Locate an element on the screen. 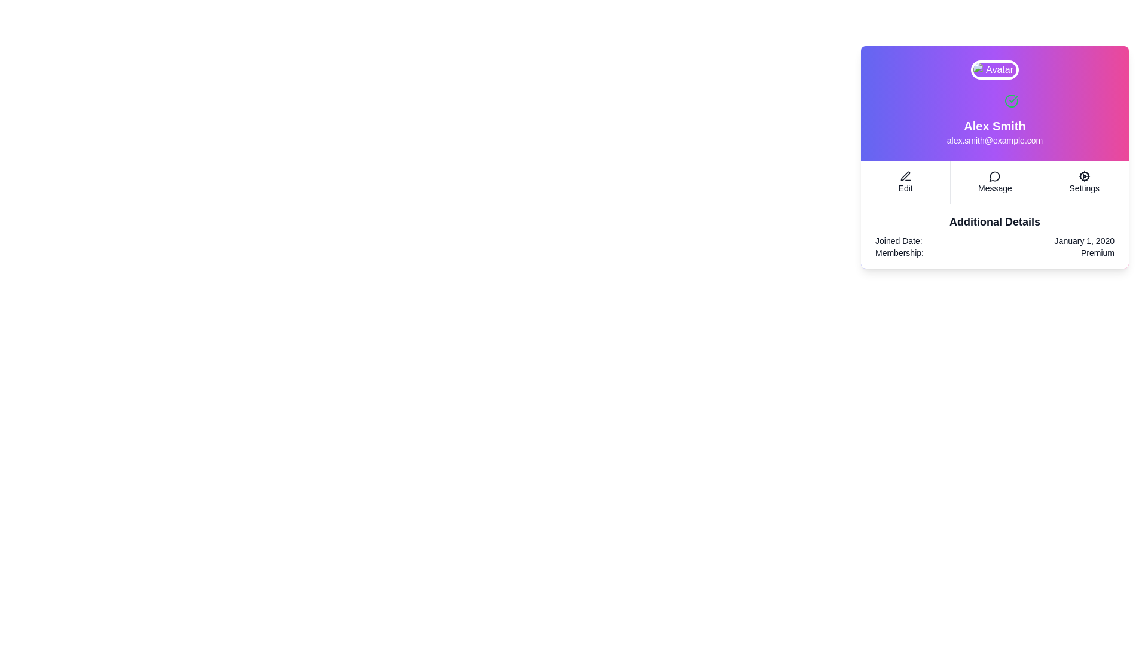  the green checkmark icon within the SVG graphic located at the bottom-right corner of the circular badge on the user profile card is located at coordinates (1013, 98).